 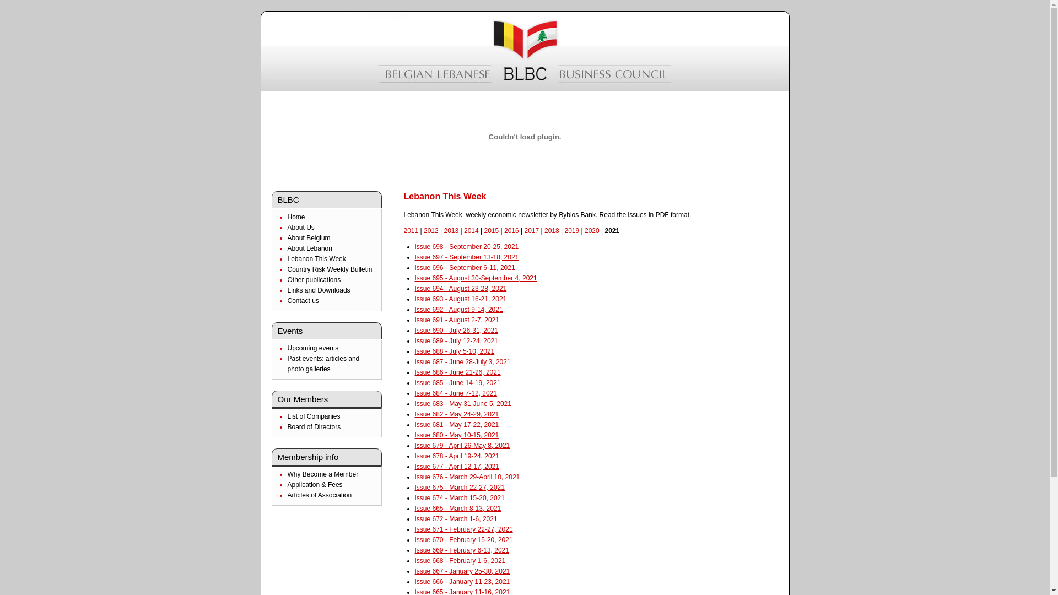 What do you see at coordinates (314, 426) in the screenshot?
I see `'Board of Directors'` at bounding box center [314, 426].